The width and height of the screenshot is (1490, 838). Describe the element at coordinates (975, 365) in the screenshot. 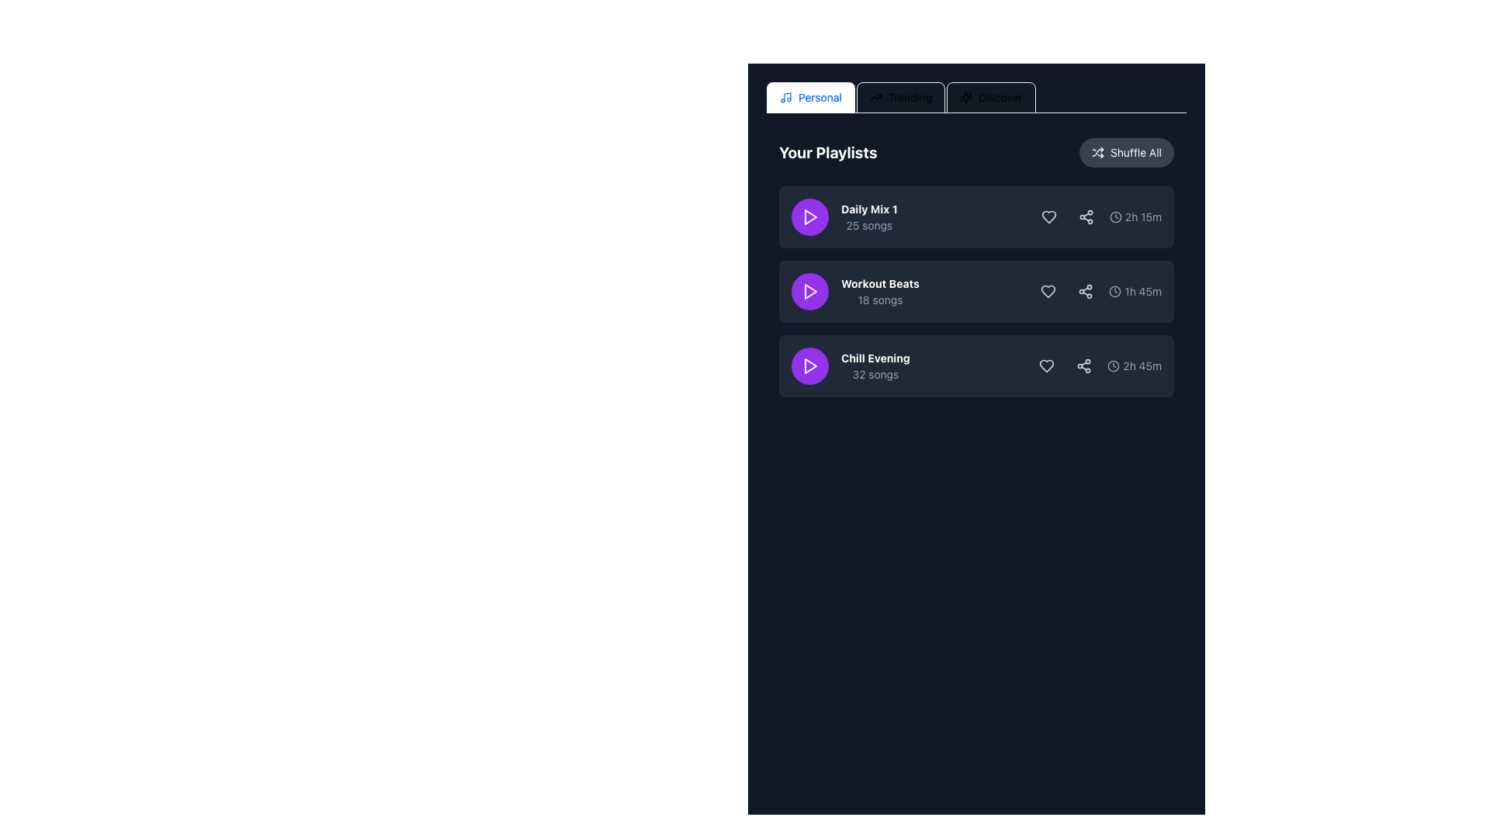

I see `the 'Chill Evening' Playlist card, which is the third item in the list of playlists` at that location.